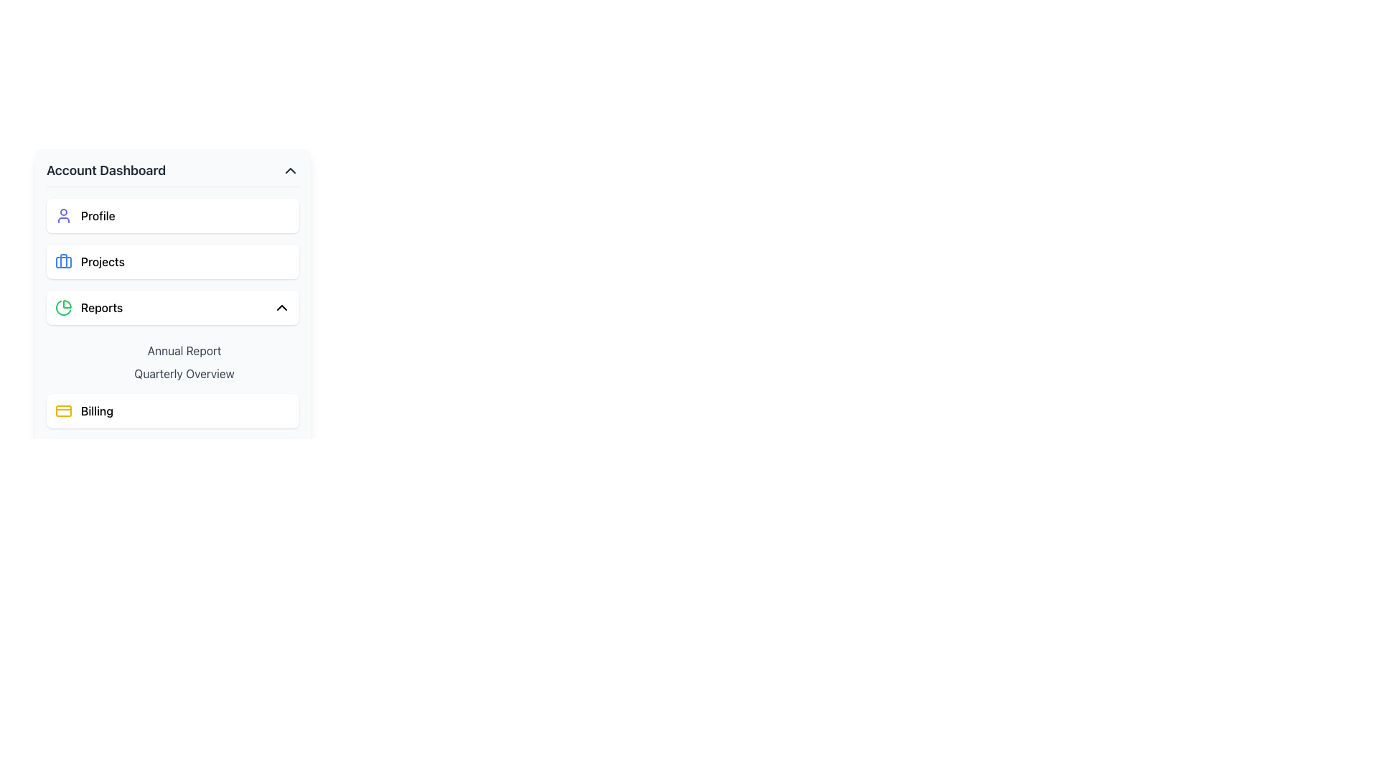 Image resolution: width=1378 pixels, height=775 pixels. What do you see at coordinates (172, 340) in the screenshot?
I see `the Menu Panel located on the left side of the interface` at bounding box center [172, 340].